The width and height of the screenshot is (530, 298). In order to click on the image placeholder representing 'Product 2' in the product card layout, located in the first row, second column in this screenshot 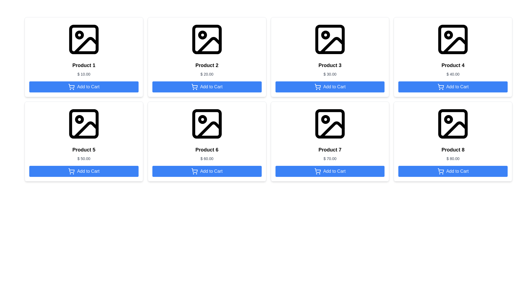, I will do `click(206, 39)`.